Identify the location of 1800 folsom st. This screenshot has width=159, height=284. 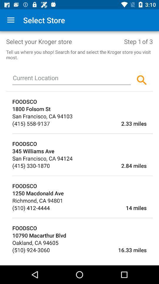
(82, 109).